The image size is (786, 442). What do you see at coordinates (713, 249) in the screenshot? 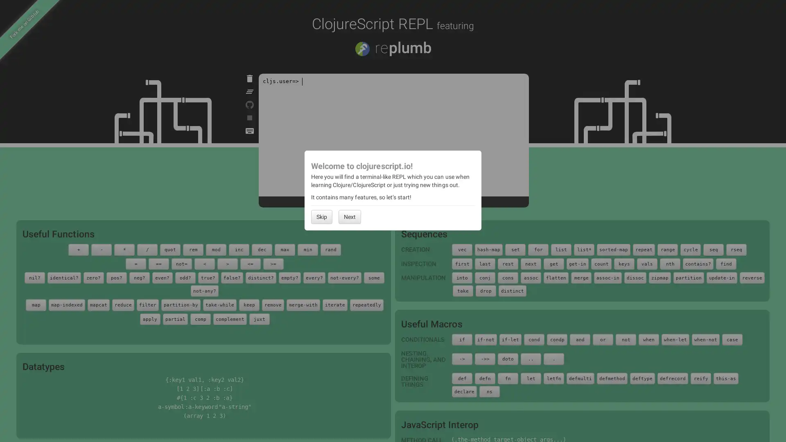
I see `seq` at bounding box center [713, 249].